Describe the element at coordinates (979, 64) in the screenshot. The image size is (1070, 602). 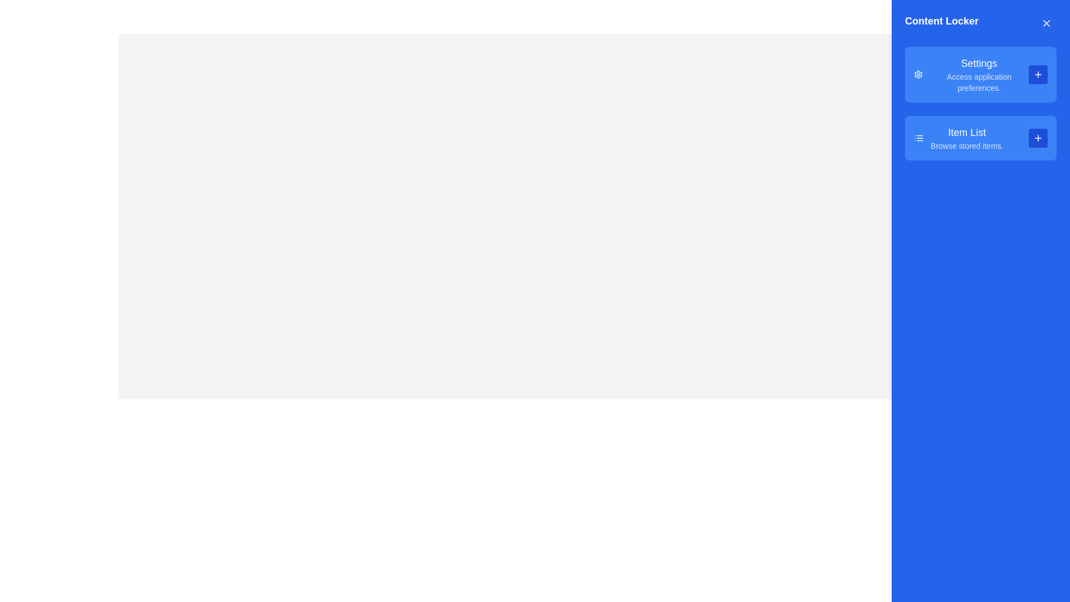
I see `header text indicating the purpose of accessing or modifying application settings in the blue sidebar labeled 'Content Locker'` at that location.